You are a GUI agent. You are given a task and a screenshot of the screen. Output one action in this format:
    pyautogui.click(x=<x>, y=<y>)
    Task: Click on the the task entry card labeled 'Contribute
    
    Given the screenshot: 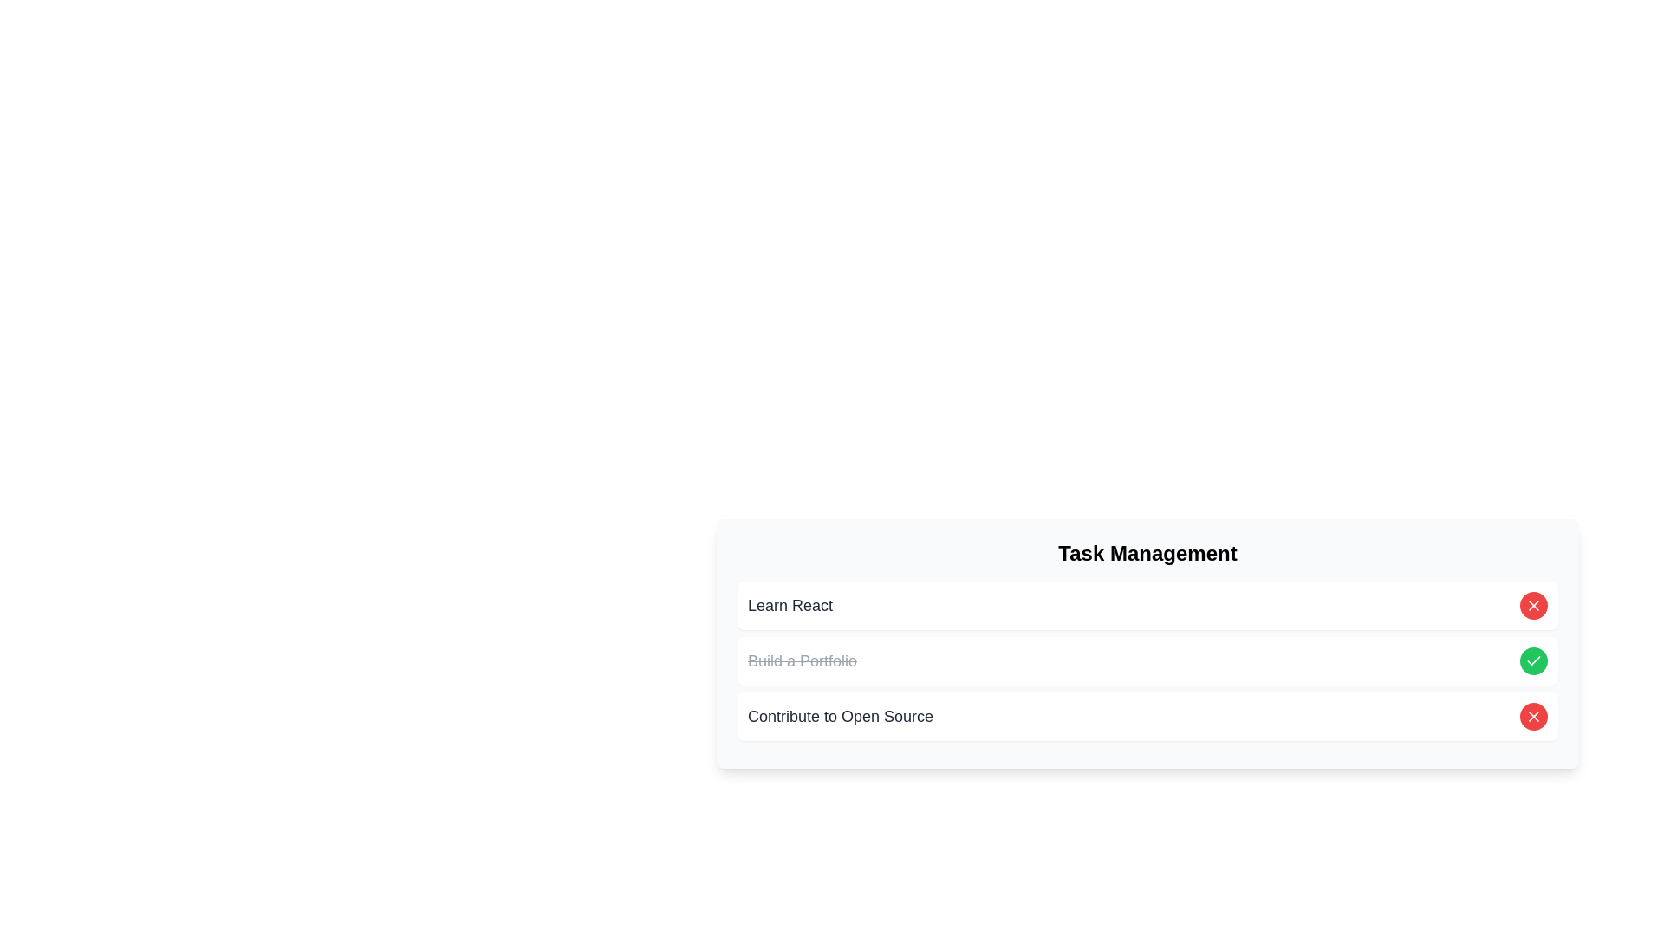 What is the action you would take?
    pyautogui.click(x=1147, y=716)
    